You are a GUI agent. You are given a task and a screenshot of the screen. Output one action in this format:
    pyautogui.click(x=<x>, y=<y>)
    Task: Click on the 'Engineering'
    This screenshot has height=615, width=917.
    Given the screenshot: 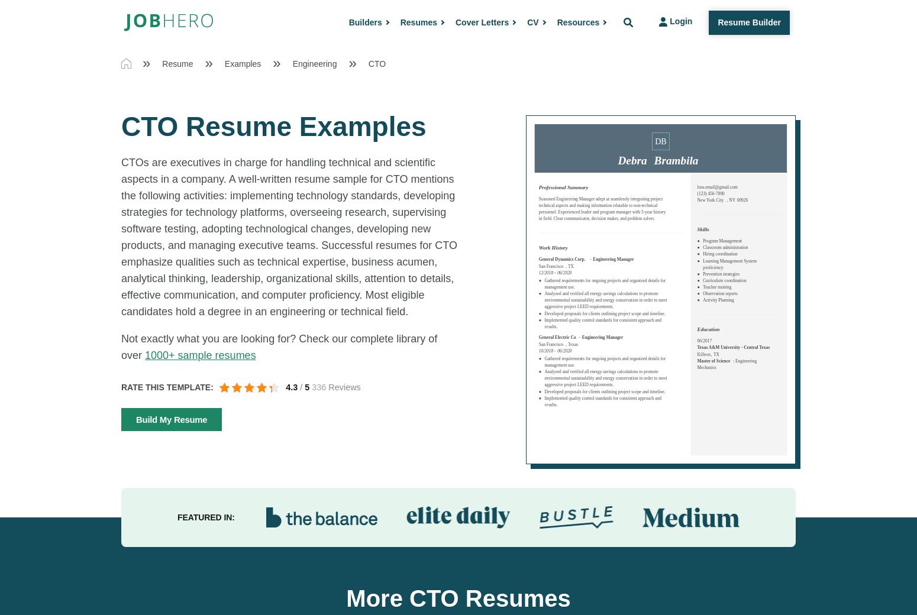 What is the action you would take?
    pyautogui.click(x=291, y=63)
    